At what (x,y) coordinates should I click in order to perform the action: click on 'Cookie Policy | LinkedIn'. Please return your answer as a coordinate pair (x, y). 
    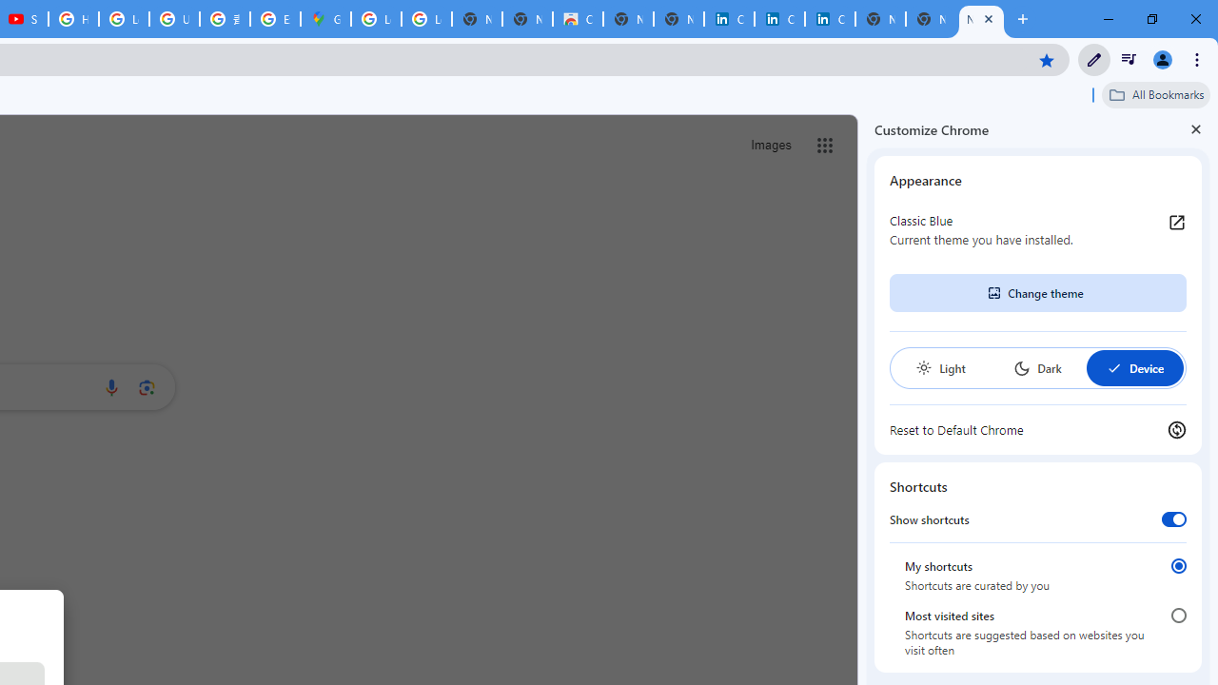
    Looking at the image, I should click on (728, 19).